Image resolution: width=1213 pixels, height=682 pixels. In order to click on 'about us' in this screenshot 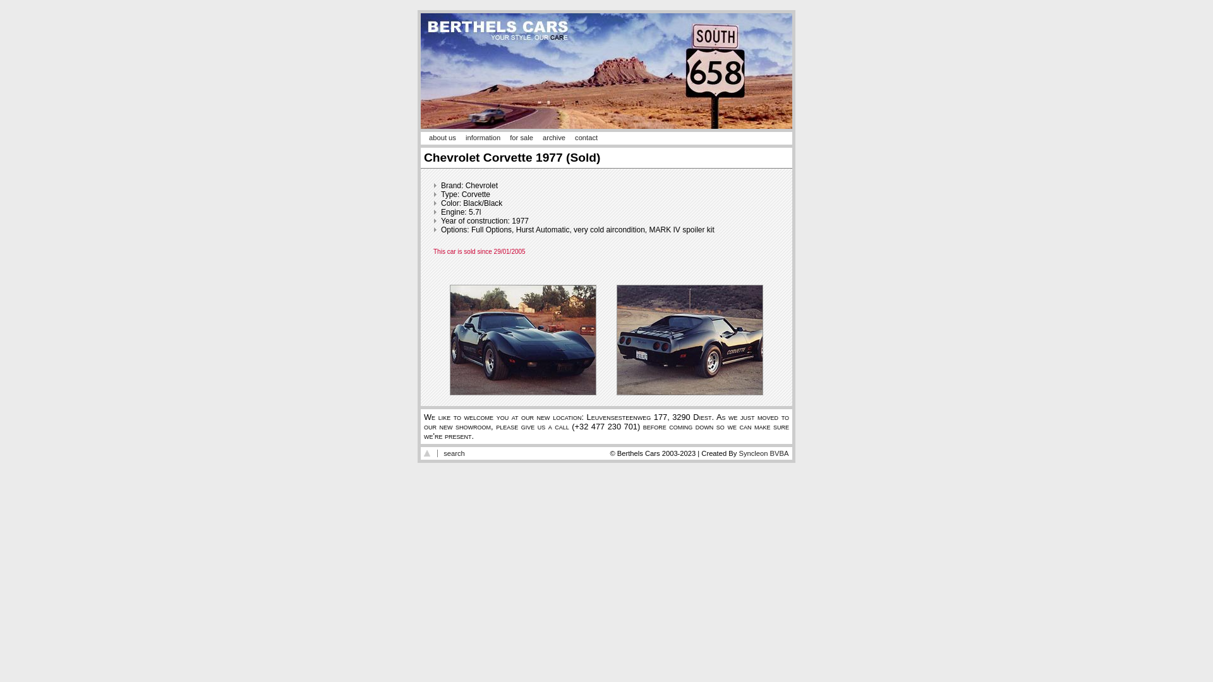, I will do `click(442, 138)`.